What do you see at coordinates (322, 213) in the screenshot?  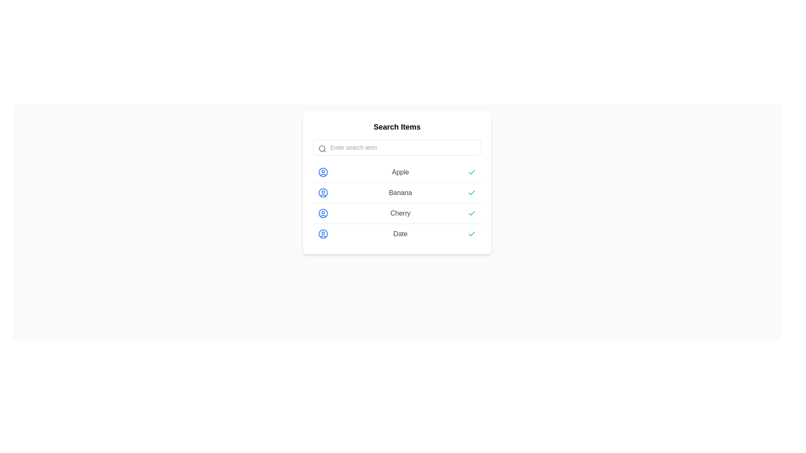 I see `circular SVG graphic element that is part of a user profile icon, positioned adjacent to the list item labeled 'Cherry'` at bounding box center [322, 213].